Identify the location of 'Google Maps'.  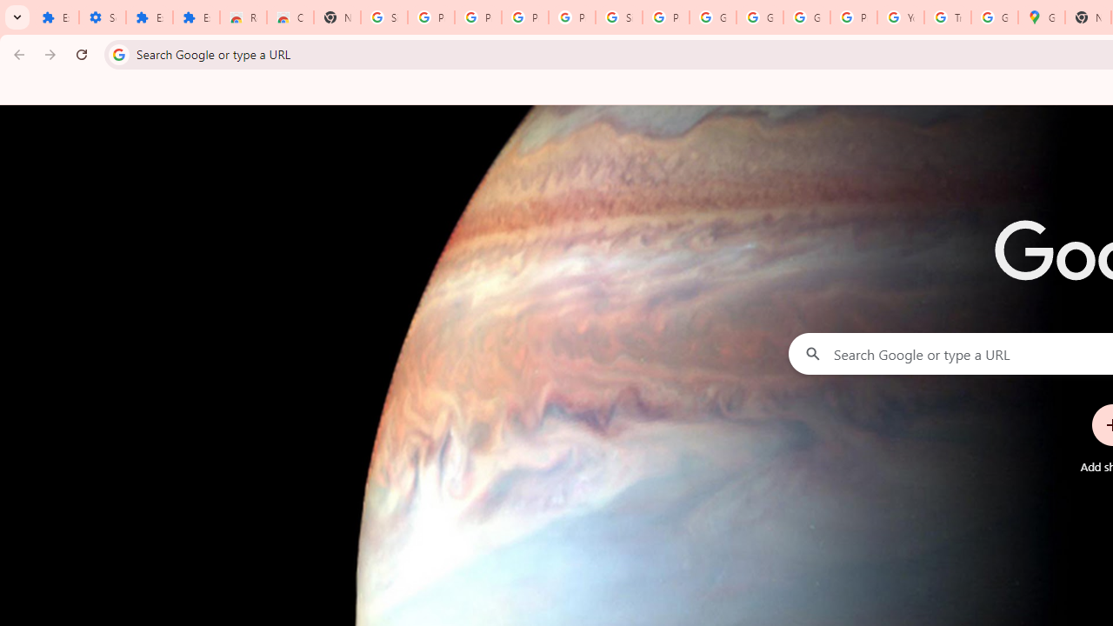
(1042, 17).